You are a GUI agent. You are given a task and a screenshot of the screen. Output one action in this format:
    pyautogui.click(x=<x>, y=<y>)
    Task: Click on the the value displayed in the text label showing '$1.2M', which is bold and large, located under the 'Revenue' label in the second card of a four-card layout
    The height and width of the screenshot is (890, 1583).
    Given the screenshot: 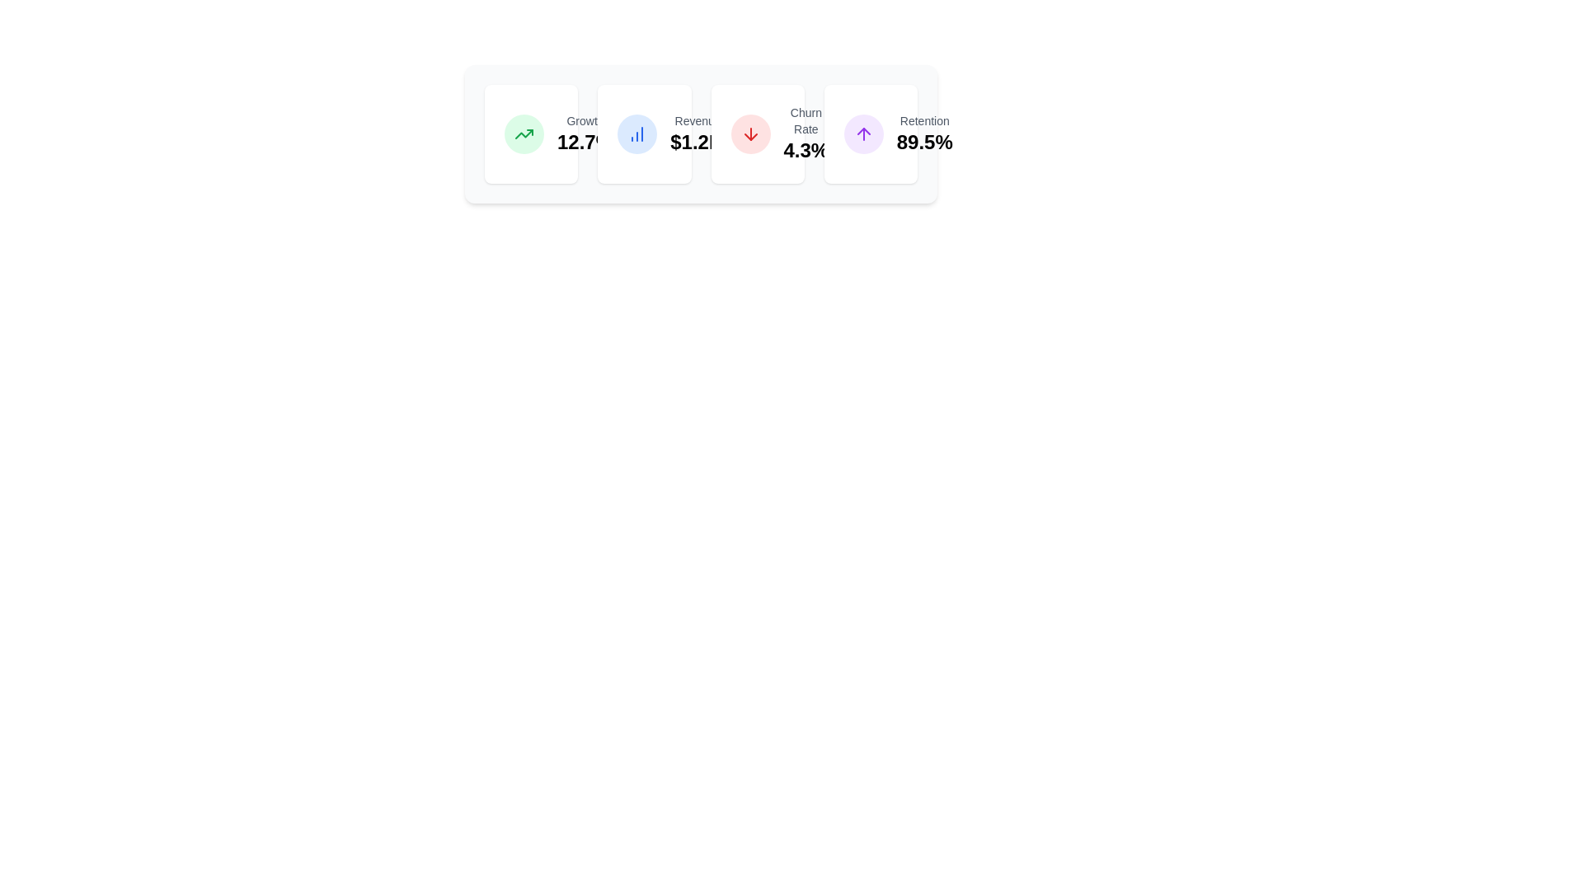 What is the action you would take?
    pyautogui.click(x=698, y=142)
    